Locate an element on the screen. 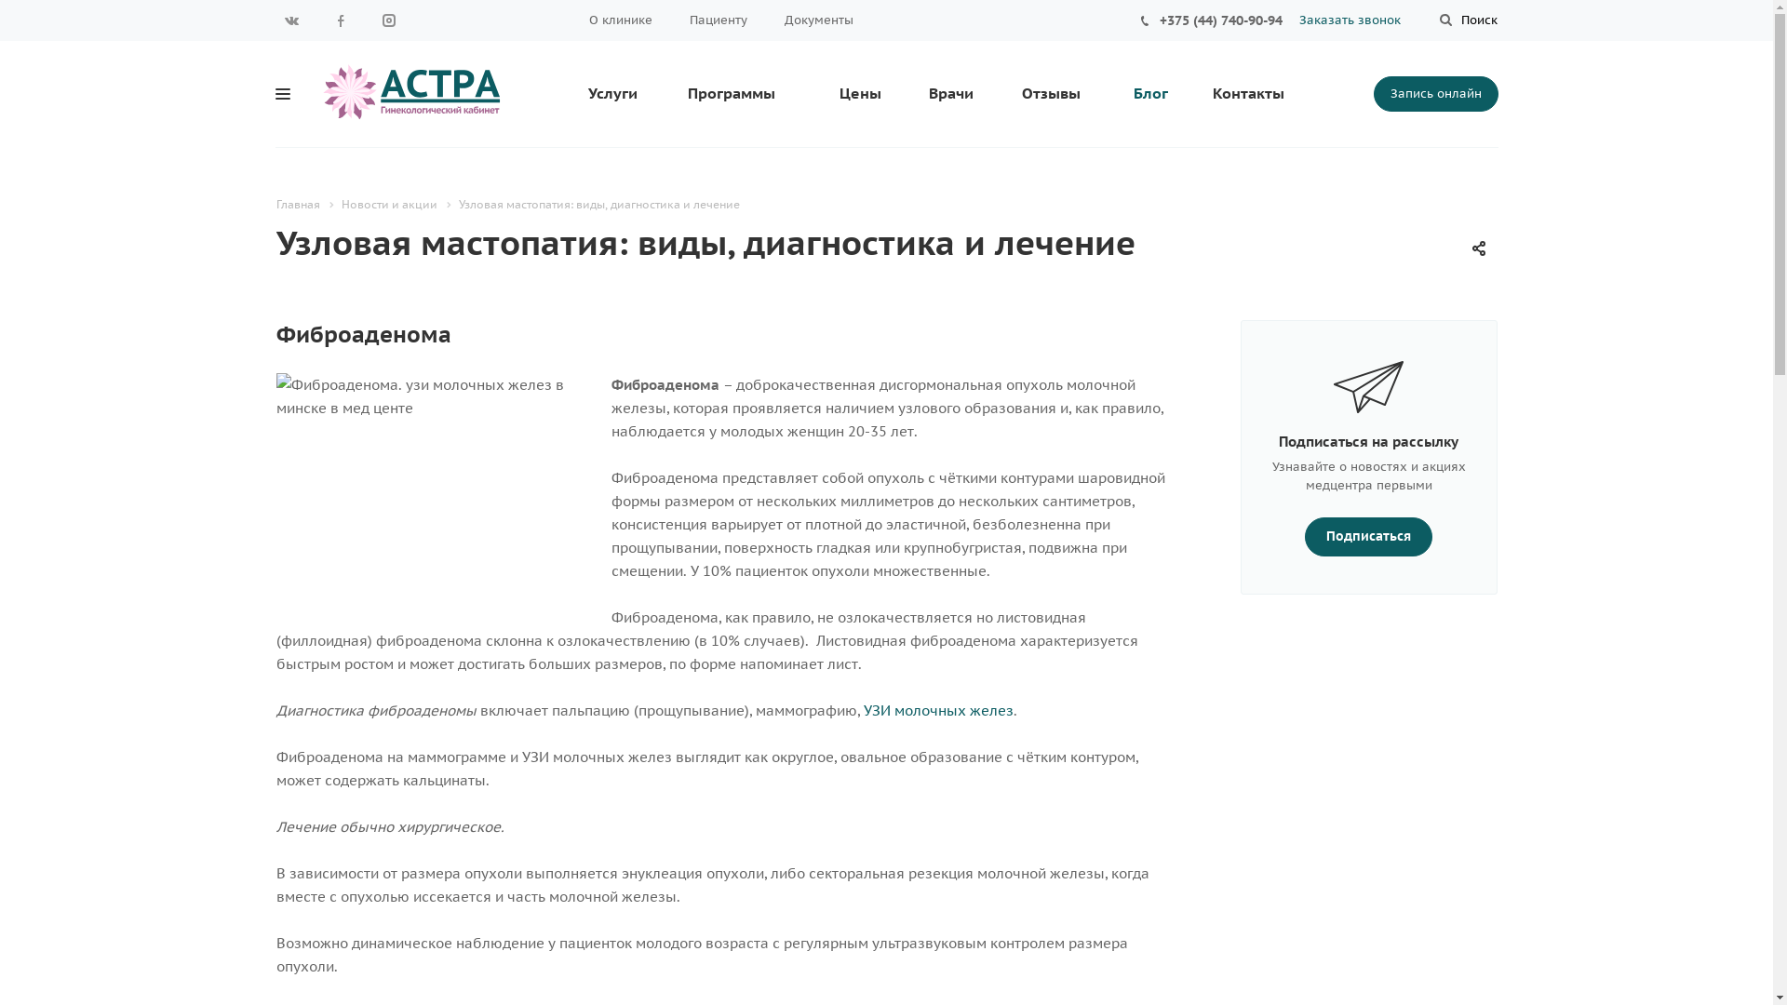 The image size is (1787, 1005). '+375 (44) 740-90-94' is located at coordinates (1159, 20).